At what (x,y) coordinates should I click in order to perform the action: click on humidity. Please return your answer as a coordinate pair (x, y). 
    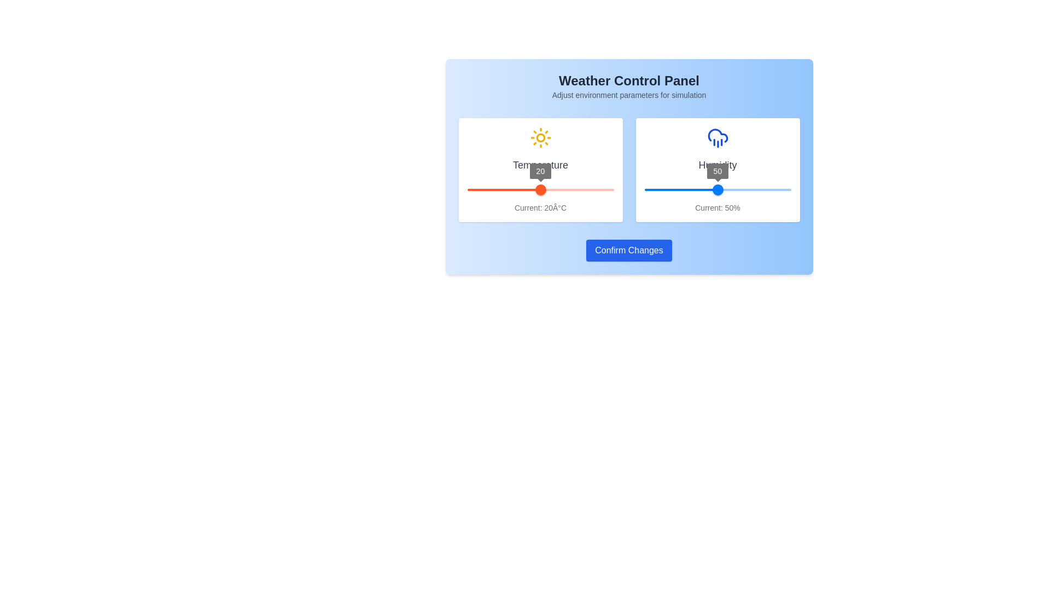
    Looking at the image, I should click on (771, 189).